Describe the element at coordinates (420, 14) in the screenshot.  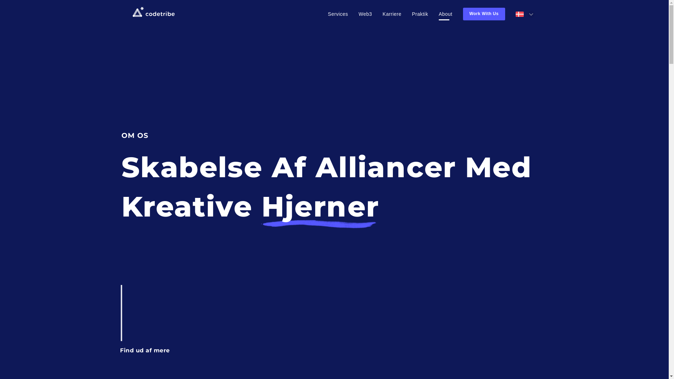
I see `'Praktik'` at that location.